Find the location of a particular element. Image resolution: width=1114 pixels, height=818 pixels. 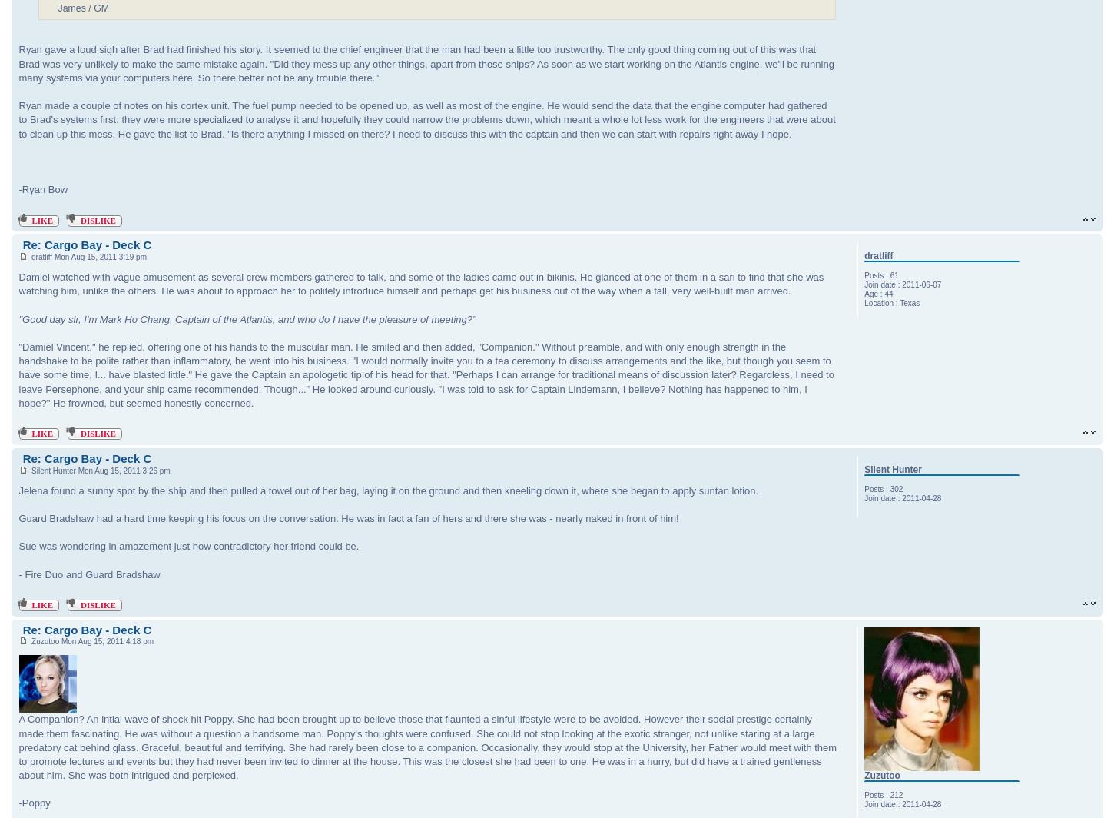

'A Companion? An intial wave of shock hit Poppy. She had been brought up to believe those that flaunted a sinful lifestyle were to be avoided. However their social prestige certainly made them fascinating. He was without a question a handsome man. Poppy's thoughts were confused. She could not stop looking at the exotic stranger, not unlike staring at a large predatory cat behind glass. Graceful, beautiful and terrifying. She had rarely been close to a companion. Occasionally, they would stop at the University, her Father would meet with them to promote lectures and events but they had never been invited to dinner at the house. This was the closest she had been to one. He was in a hurry, but did have a trained gentleness about him. She was both intrigued and perplexed.' is located at coordinates (427, 747).